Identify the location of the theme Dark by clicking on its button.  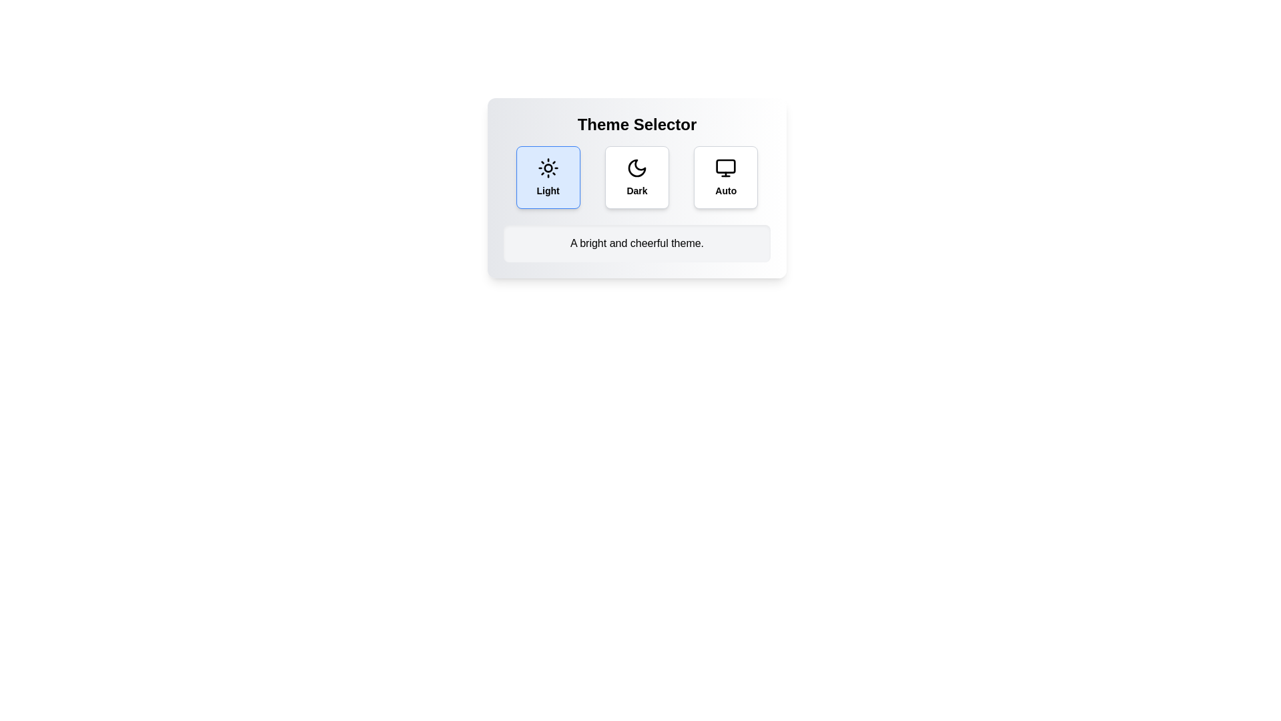
(636, 177).